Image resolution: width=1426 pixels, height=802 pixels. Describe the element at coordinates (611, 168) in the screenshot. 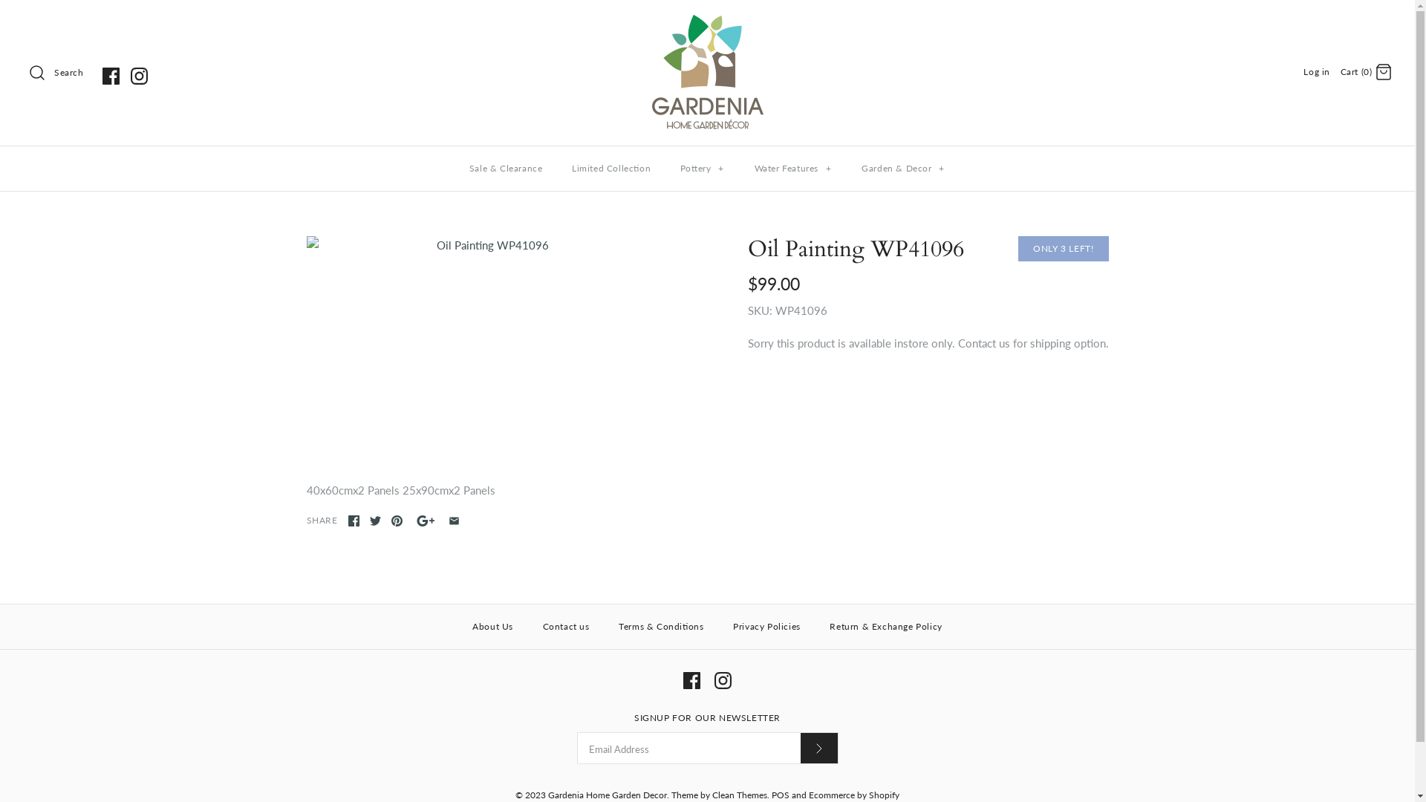

I see `'Limited Collection'` at that location.